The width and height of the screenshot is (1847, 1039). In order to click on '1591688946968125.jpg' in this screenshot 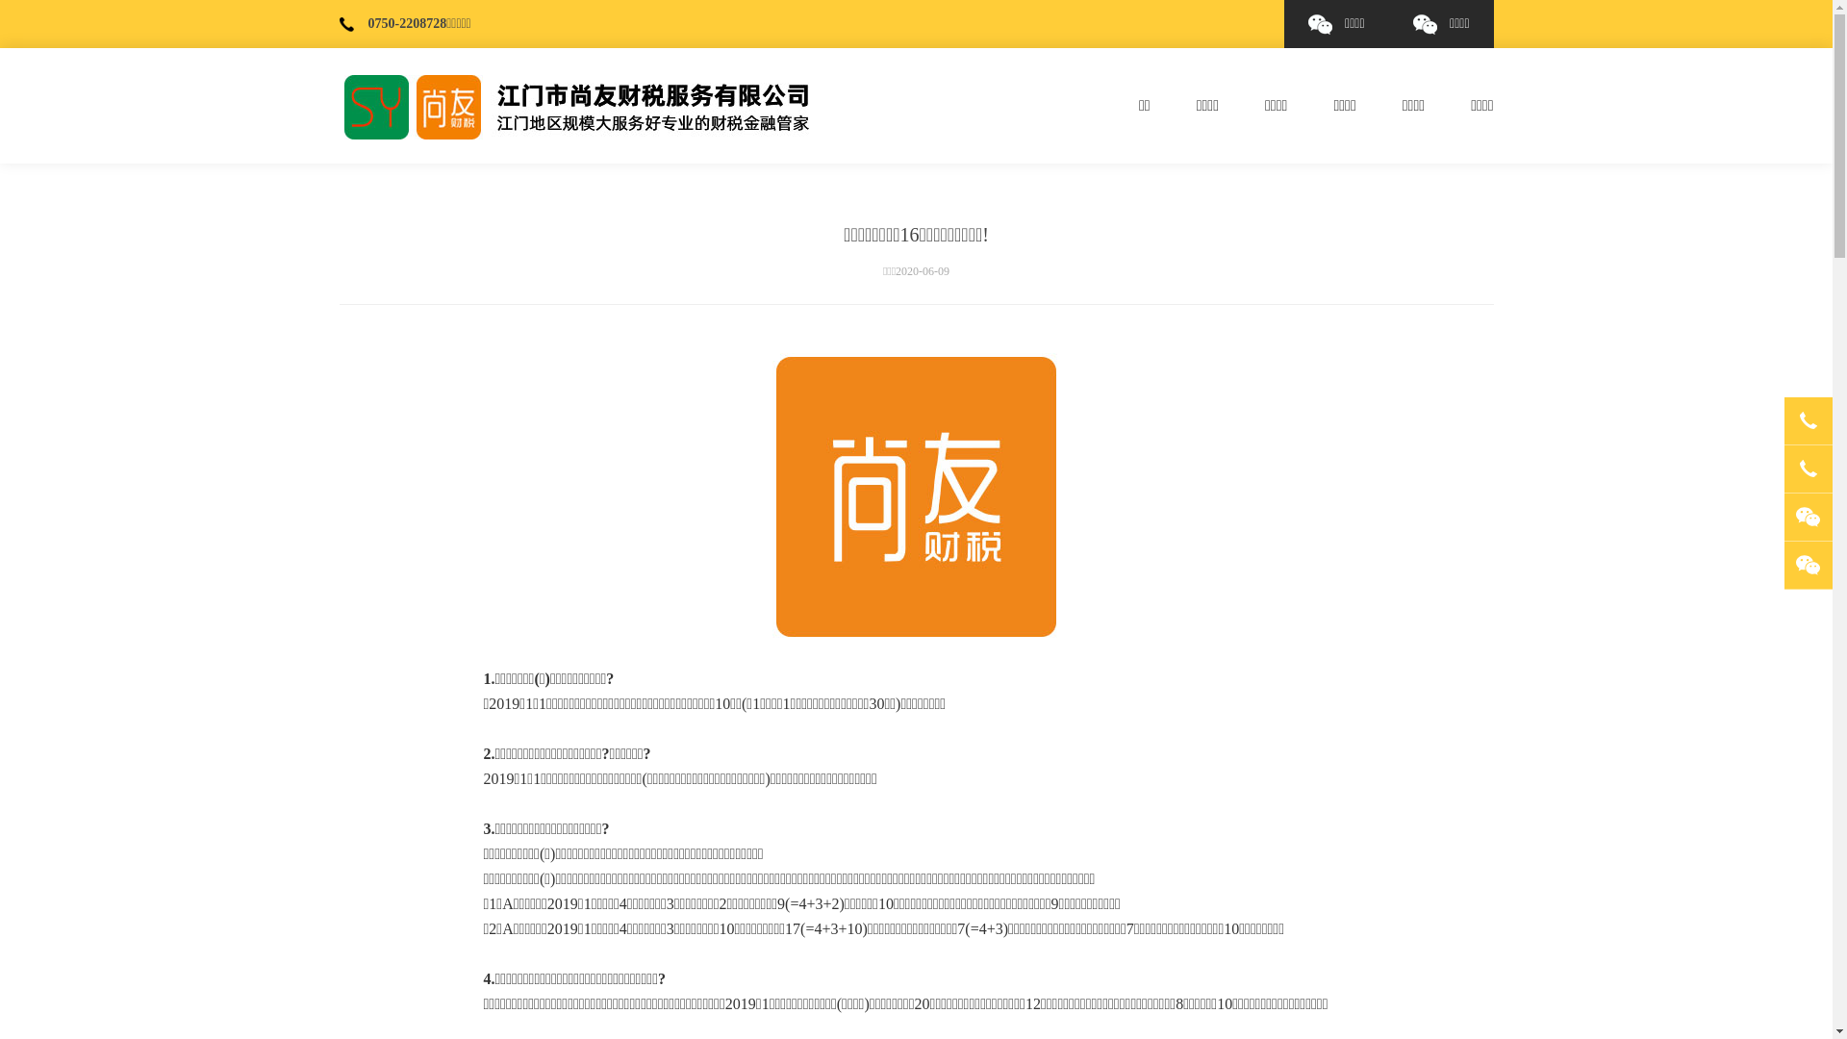, I will do `click(914, 495)`.